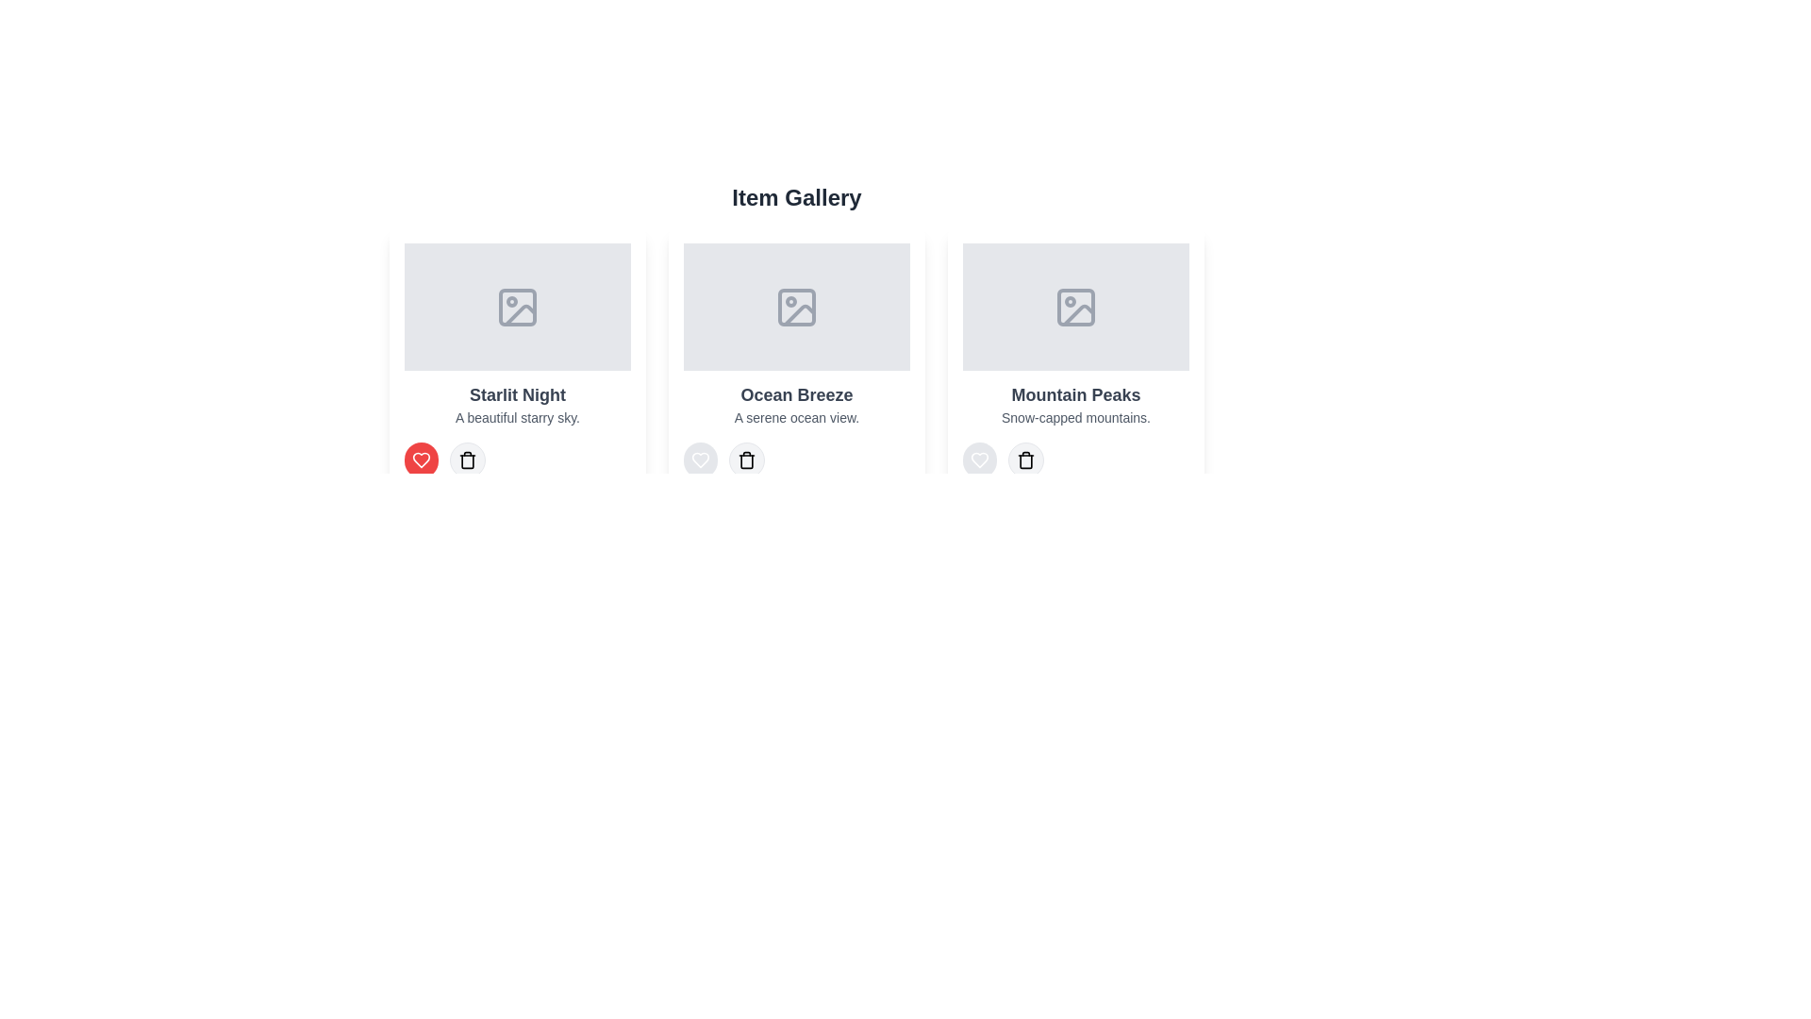  I want to click on the item with title Mountain Peaks to view its description, so click(1076, 360).